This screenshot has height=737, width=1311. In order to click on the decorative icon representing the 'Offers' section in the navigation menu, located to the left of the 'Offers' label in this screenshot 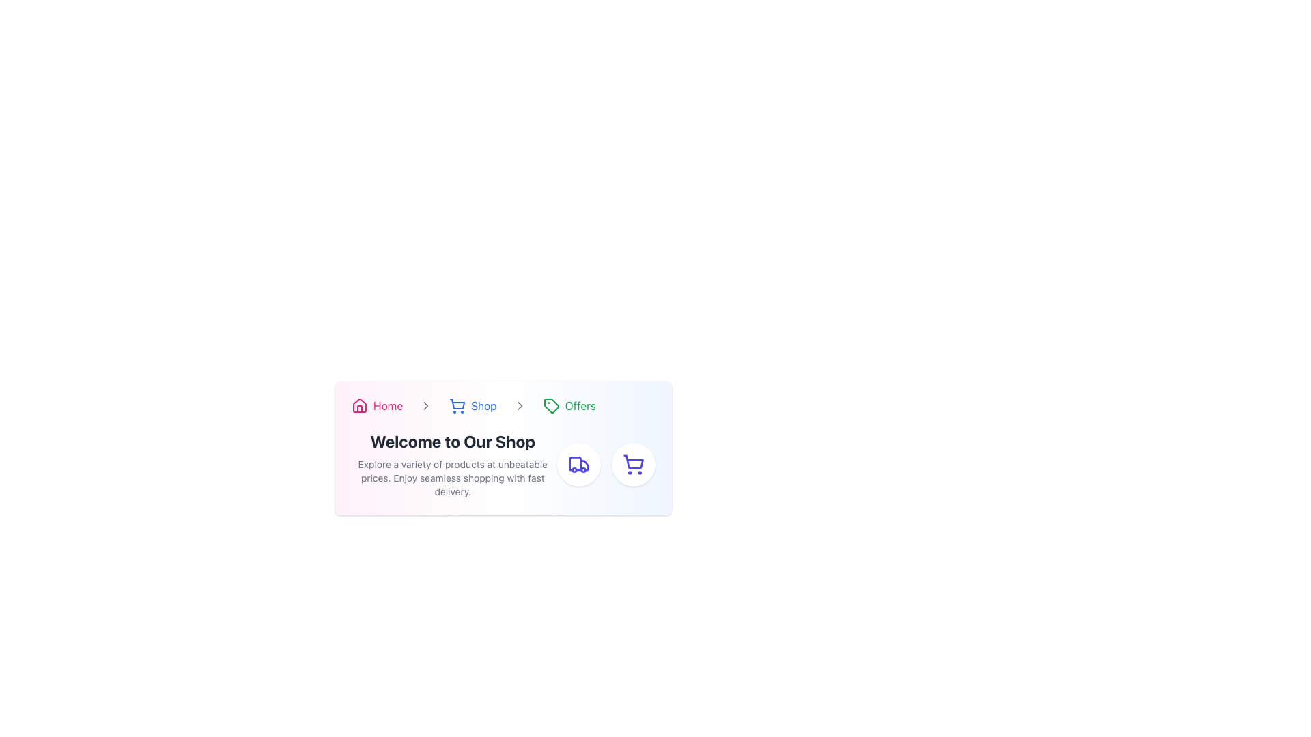, I will do `click(551, 405)`.